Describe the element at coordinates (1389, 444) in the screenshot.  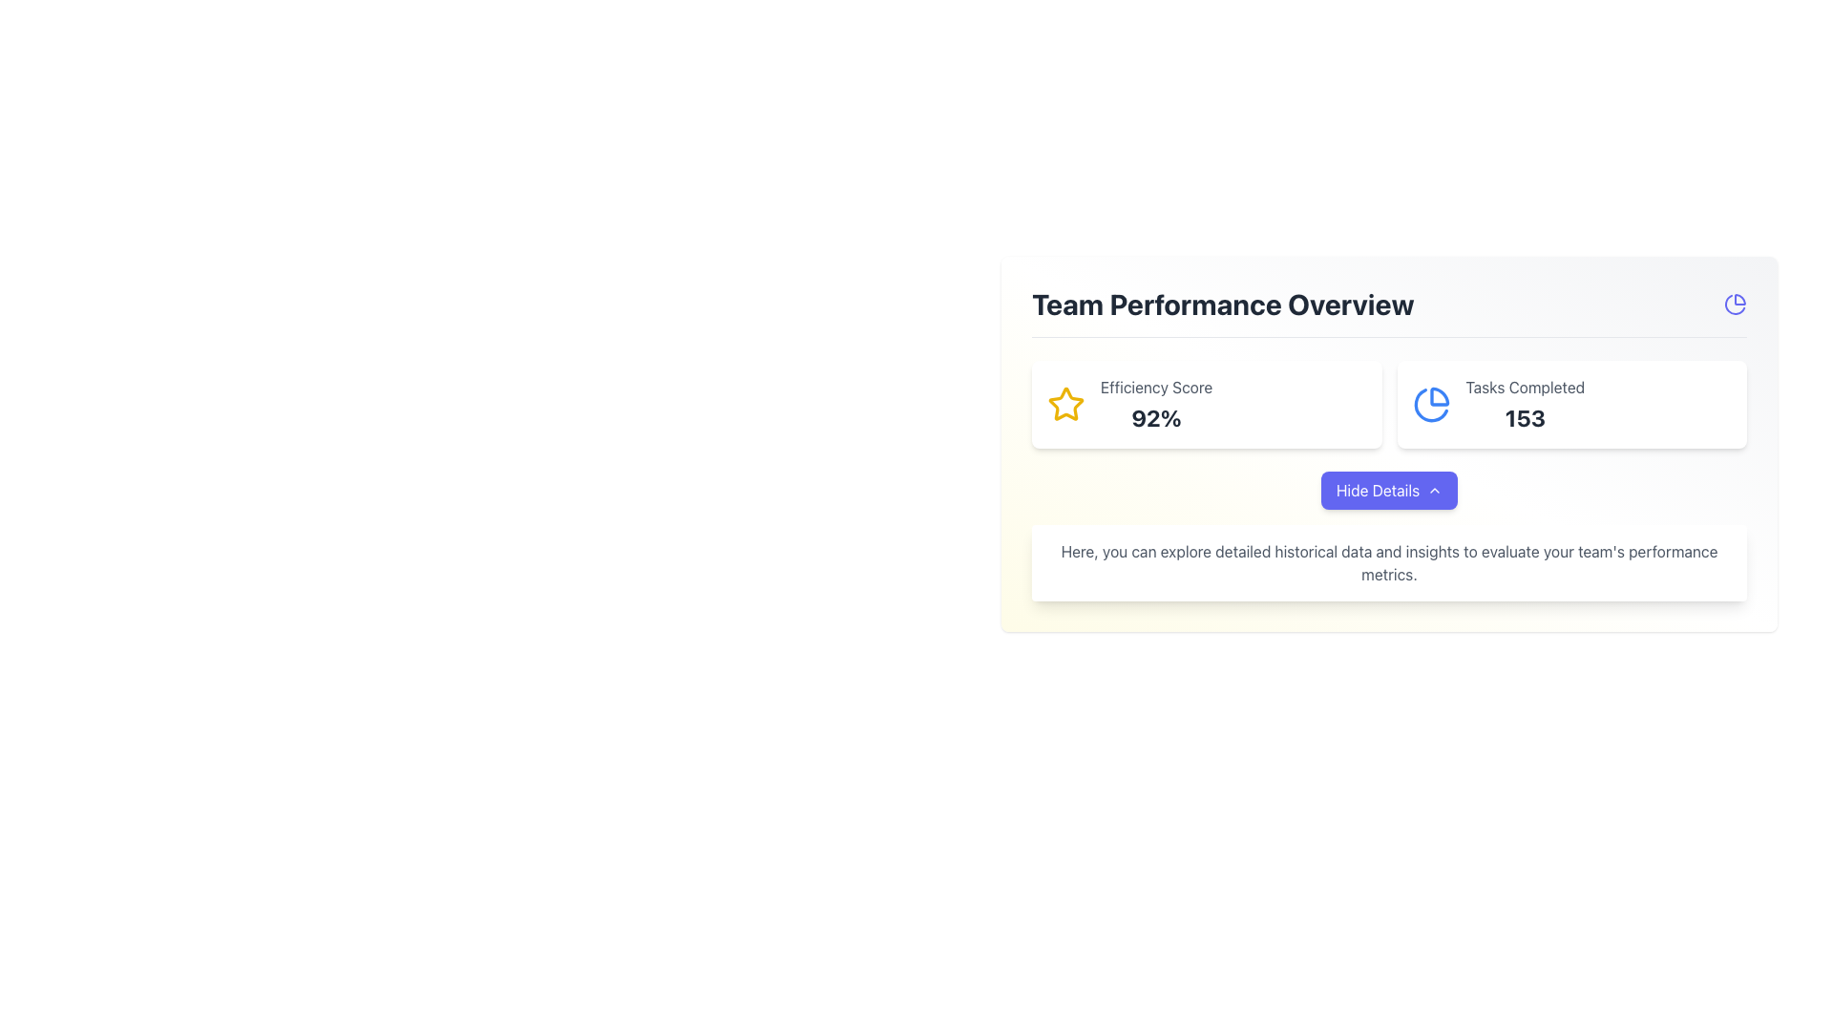
I see `the 'Hide Details' button located in the footer of the Information Panel titled 'Team Performance Overview'` at that location.